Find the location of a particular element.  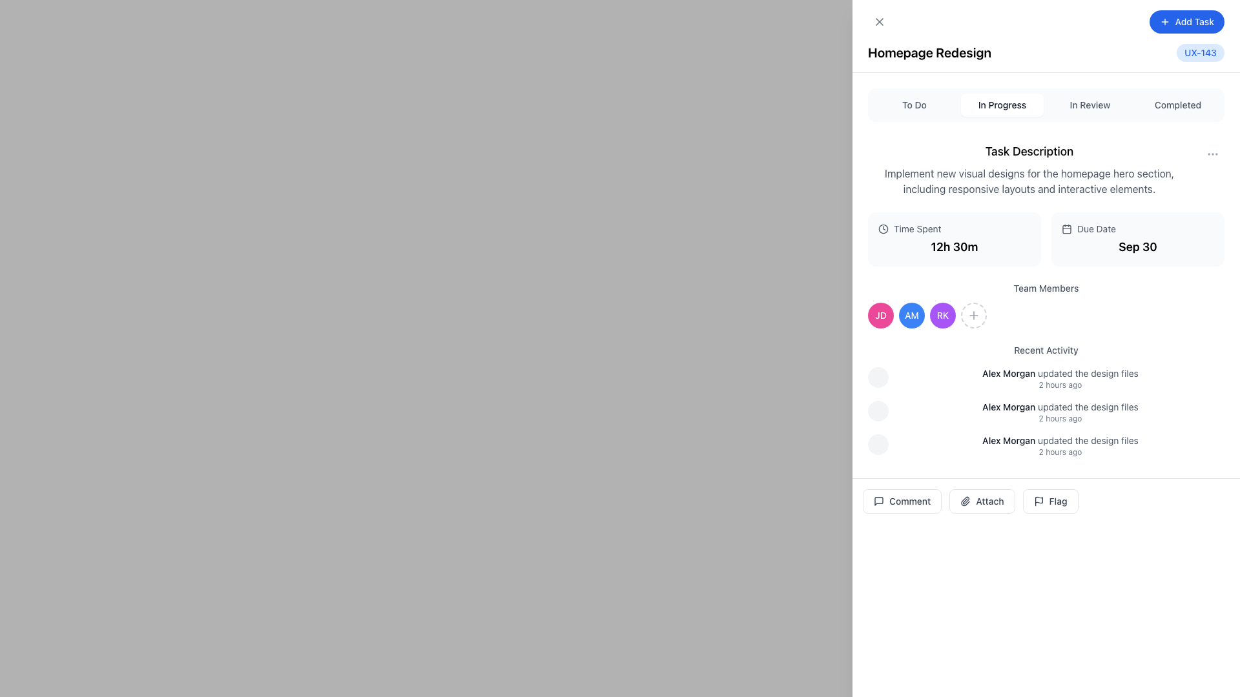

the 'Close' button located in the upper-left corner of the 'Add Task' modal to trigger a visual change is located at coordinates (879, 22).